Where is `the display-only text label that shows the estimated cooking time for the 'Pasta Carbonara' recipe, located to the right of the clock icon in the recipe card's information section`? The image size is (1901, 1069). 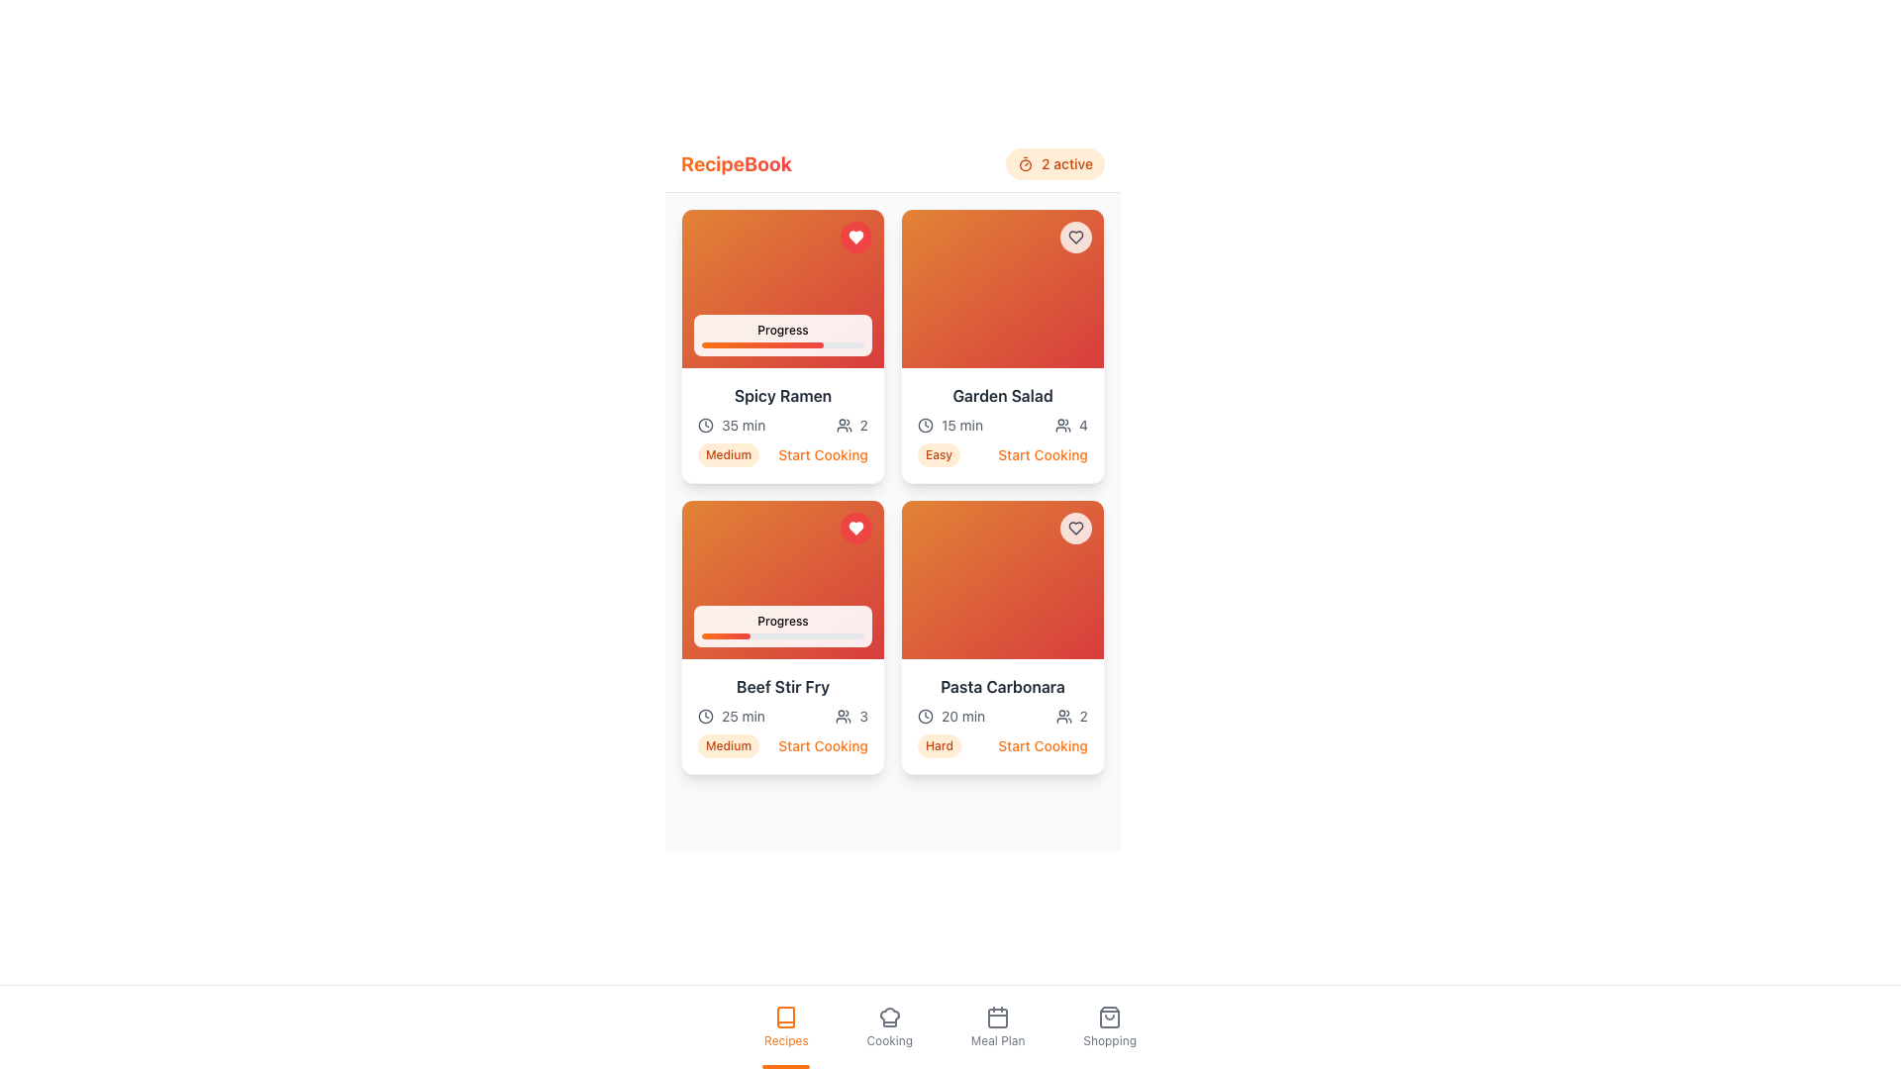
the display-only text label that shows the estimated cooking time for the 'Pasta Carbonara' recipe, located to the right of the clock icon in the recipe card's information section is located at coordinates (963, 717).